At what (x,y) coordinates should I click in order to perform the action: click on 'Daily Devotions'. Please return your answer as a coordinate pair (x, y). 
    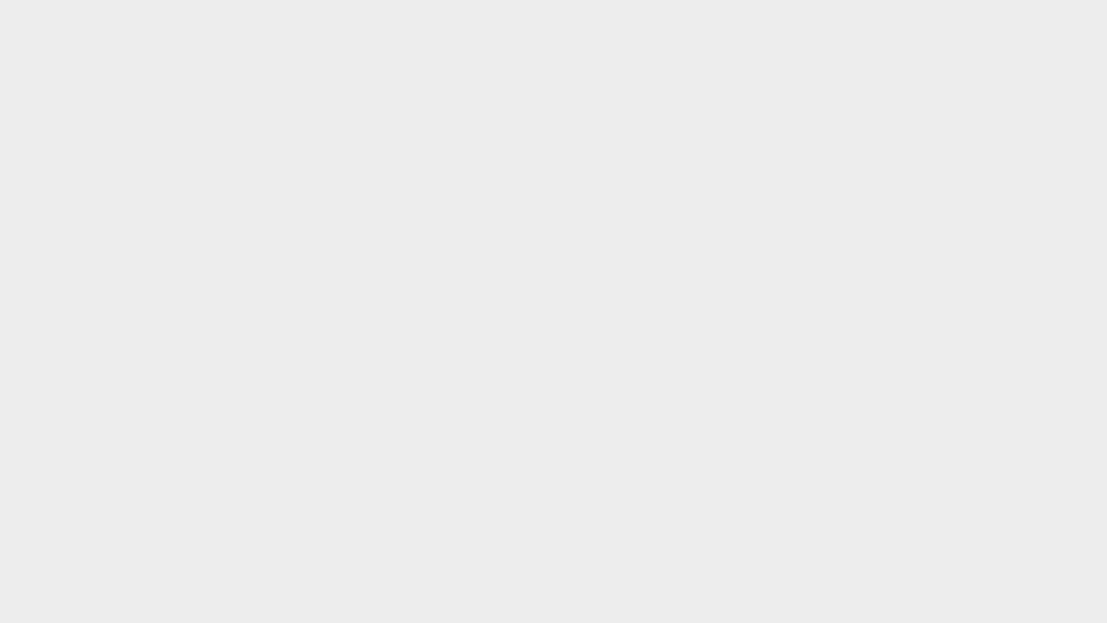
    Looking at the image, I should click on (585, 70).